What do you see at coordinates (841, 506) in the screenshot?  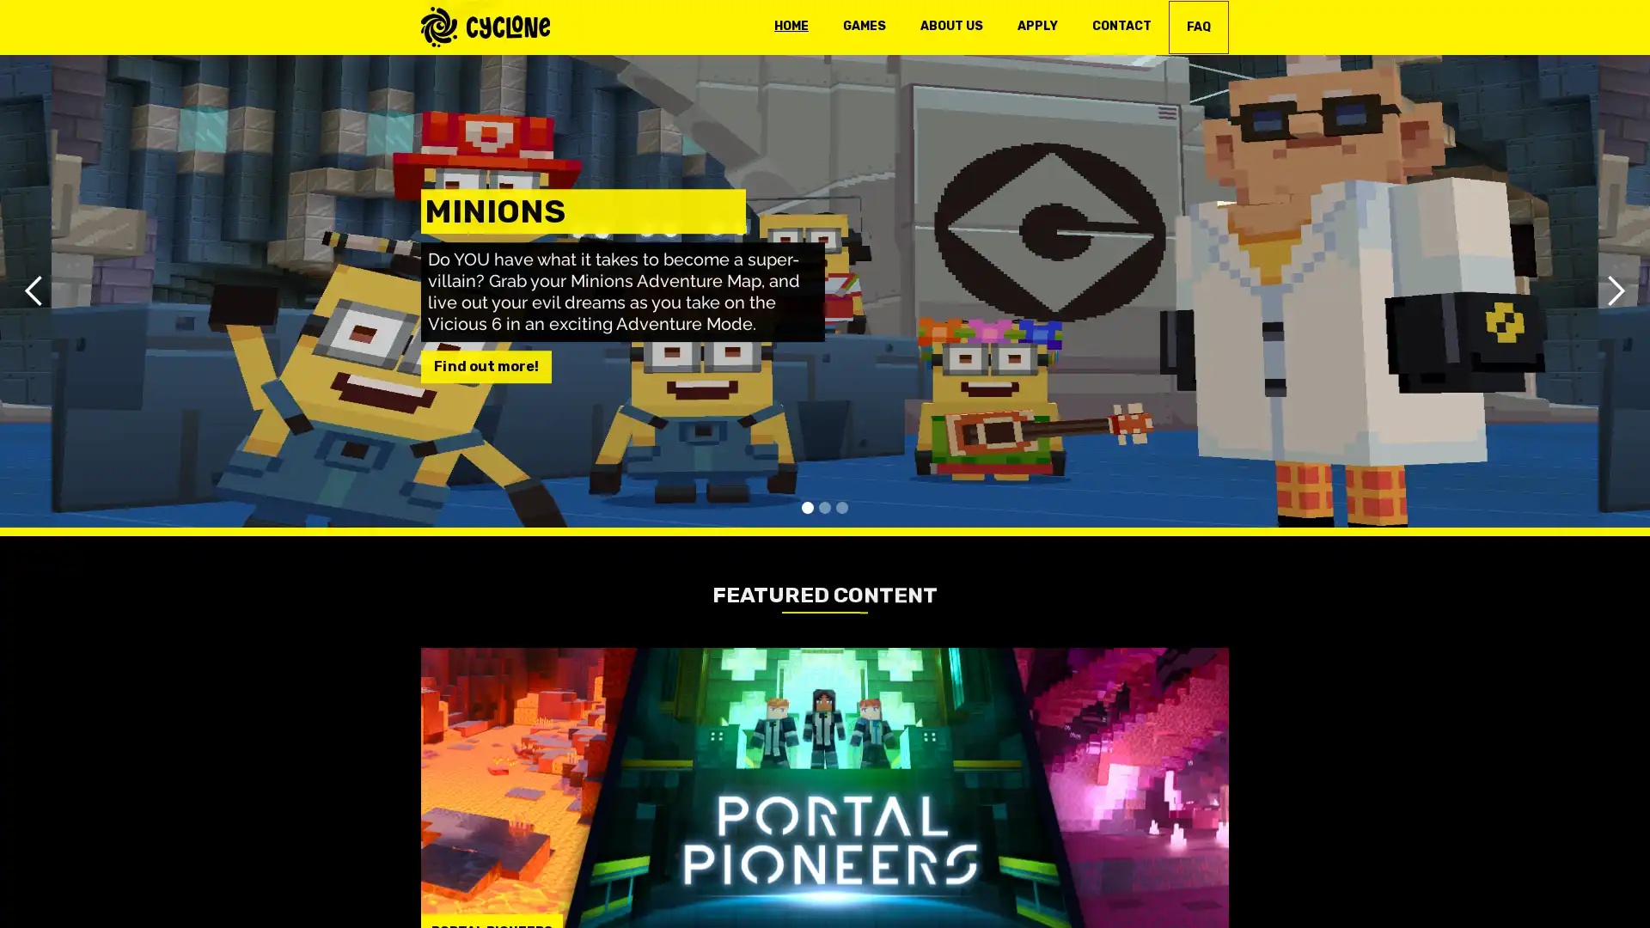 I see `Show slide 3 of 3` at bounding box center [841, 506].